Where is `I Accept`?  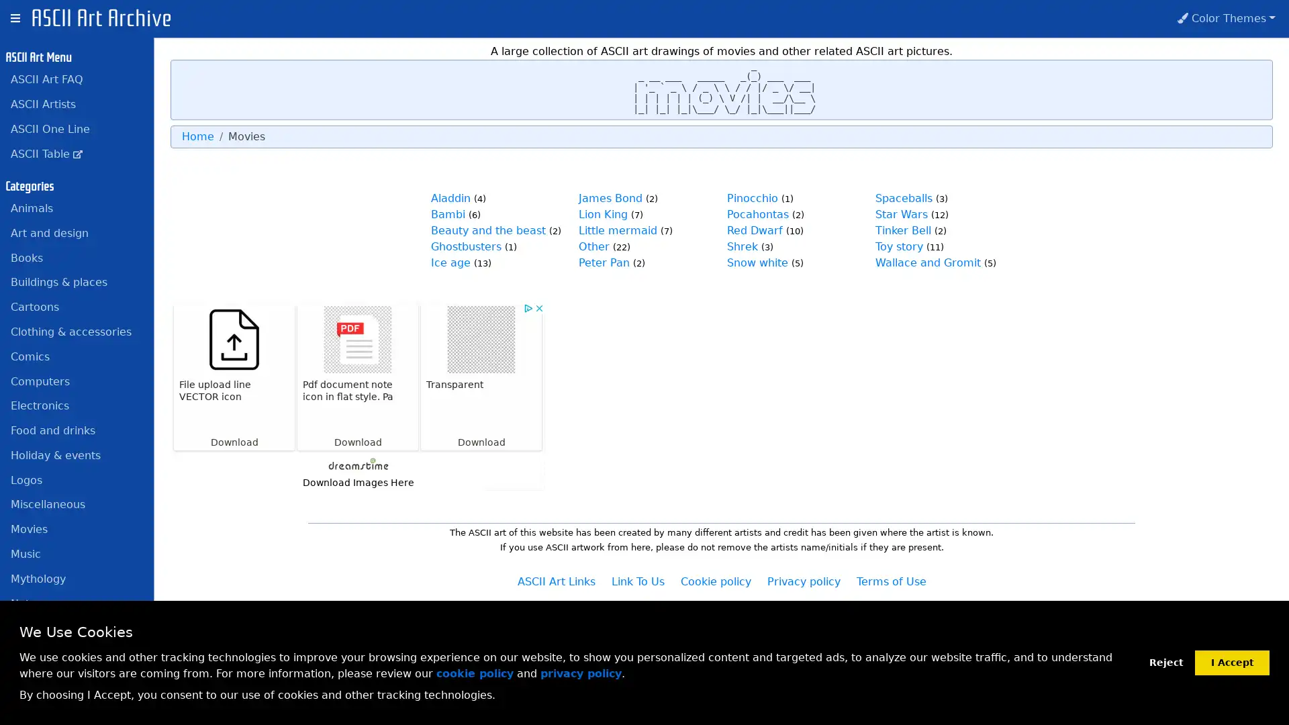
I Accept is located at coordinates (1232, 661).